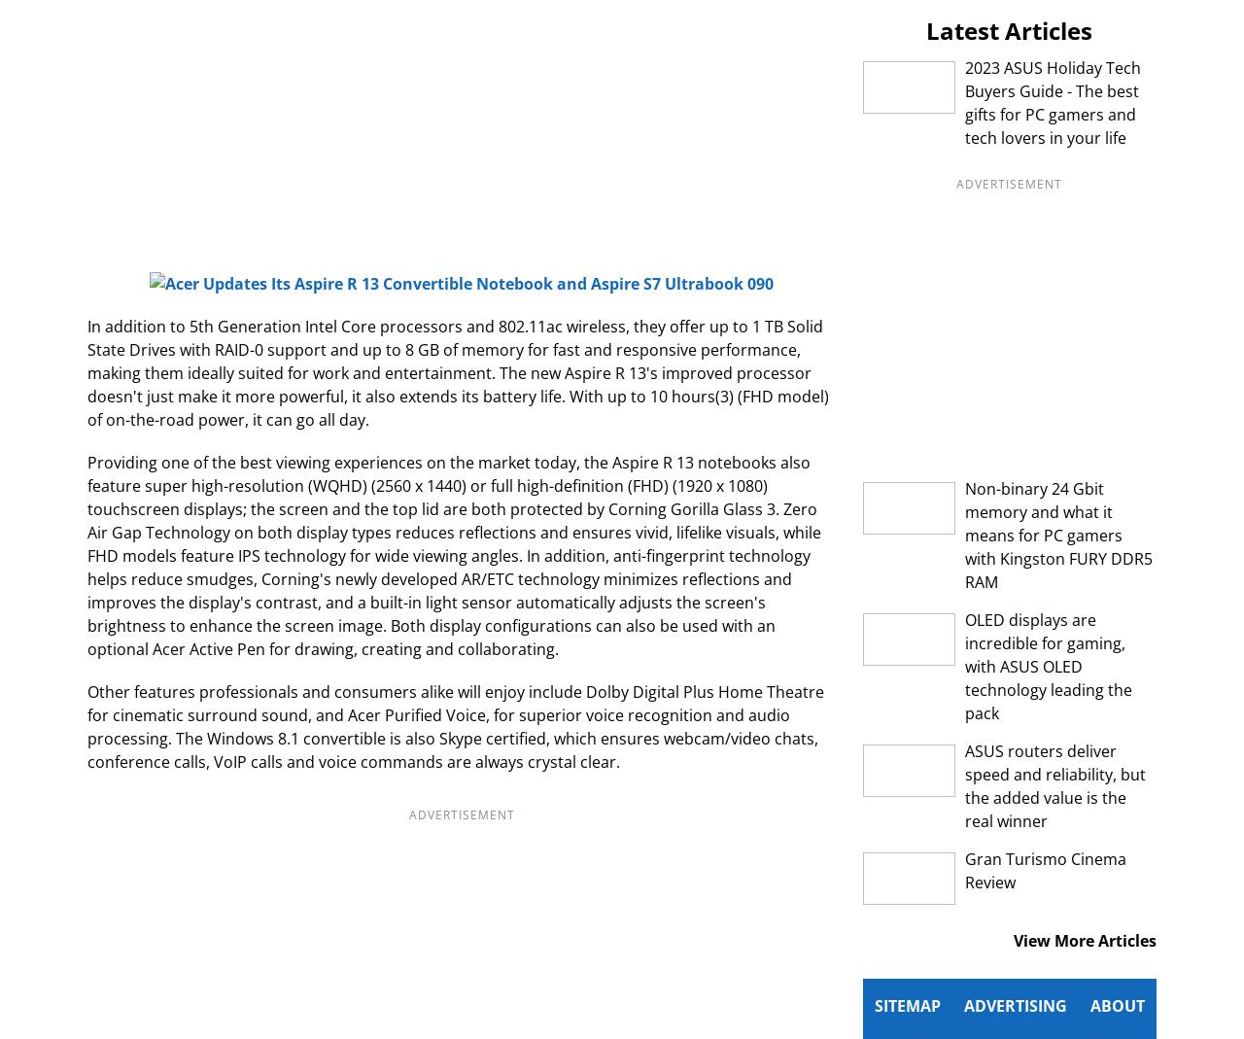 The width and height of the screenshot is (1244, 1039). Describe the element at coordinates (1056, 535) in the screenshot. I see `'Non-binary 24 Gbit memory and what it means for PC gamers with Kingston FURY DDR5 RAM'` at that location.